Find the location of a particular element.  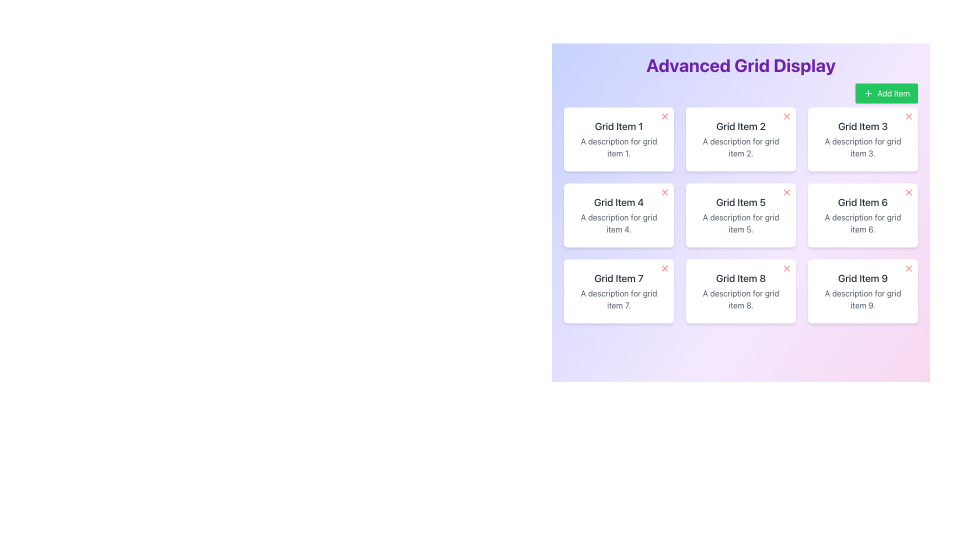

the text label displaying 'Grid Item 4', which is styled with a bold font and gray color, located in the second column of the second row of the grid layout is located at coordinates (618, 202).